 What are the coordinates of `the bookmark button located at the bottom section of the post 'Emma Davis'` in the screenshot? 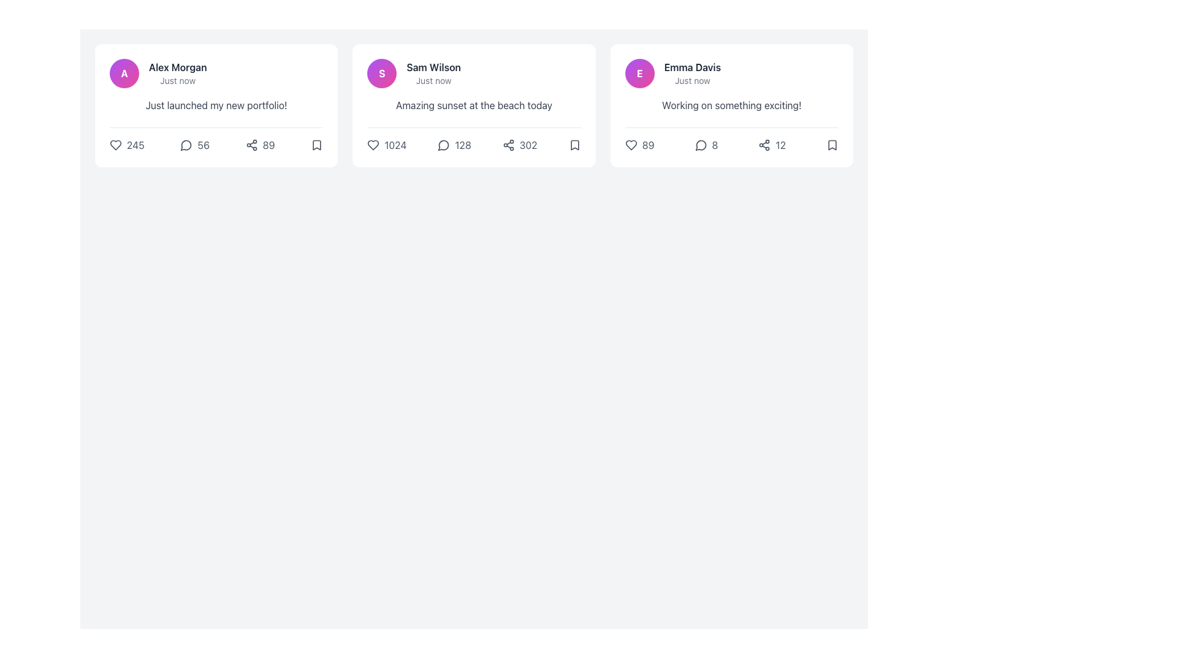 It's located at (832, 144).